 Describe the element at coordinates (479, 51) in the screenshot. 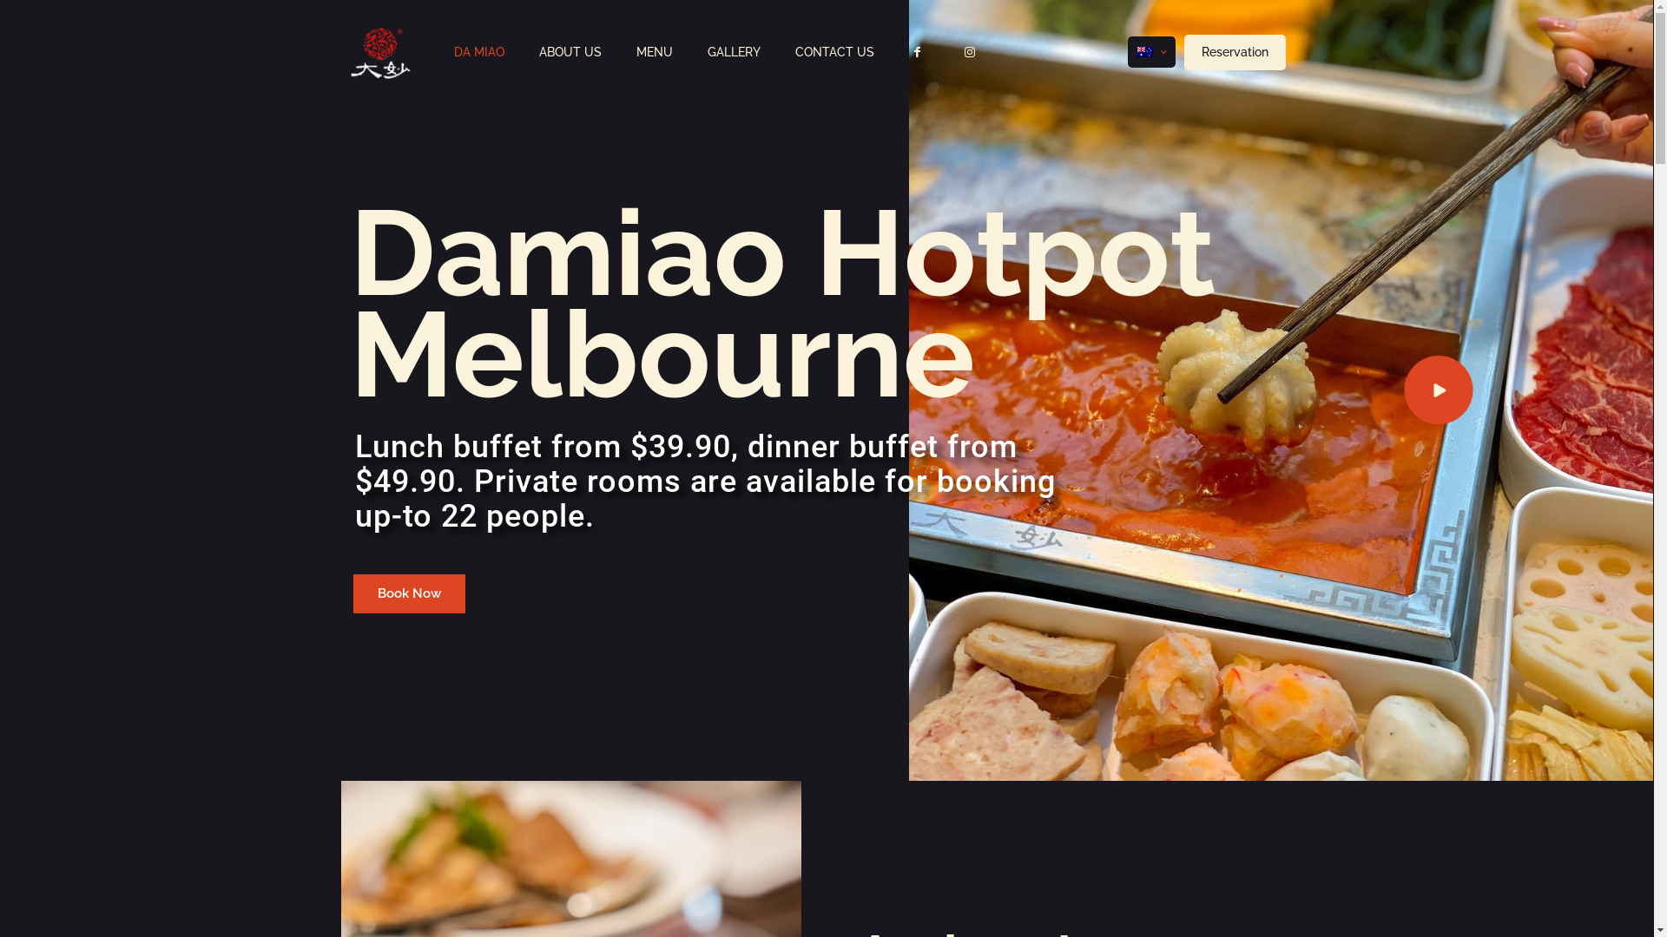

I see `'DA MIAO'` at that location.